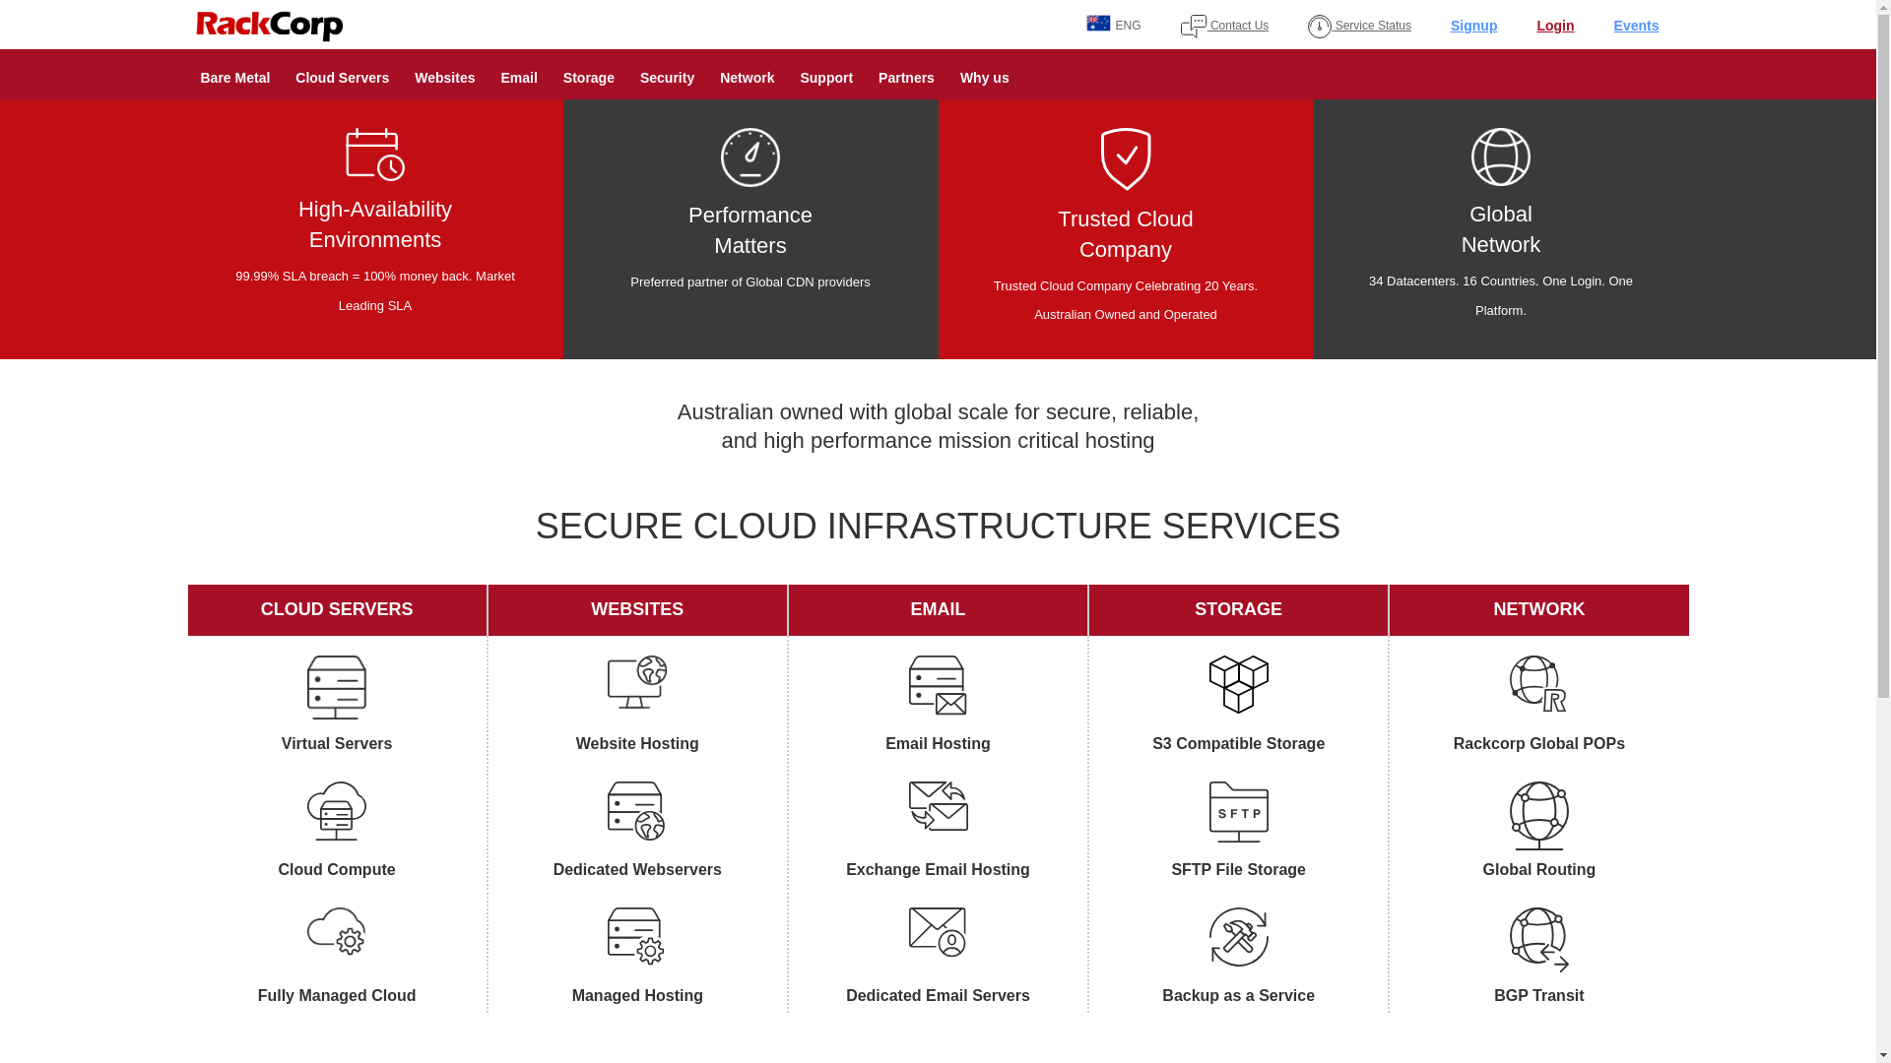 The height and width of the screenshot is (1063, 1891). What do you see at coordinates (1554, 26) in the screenshot?
I see `'Login'` at bounding box center [1554, 26].